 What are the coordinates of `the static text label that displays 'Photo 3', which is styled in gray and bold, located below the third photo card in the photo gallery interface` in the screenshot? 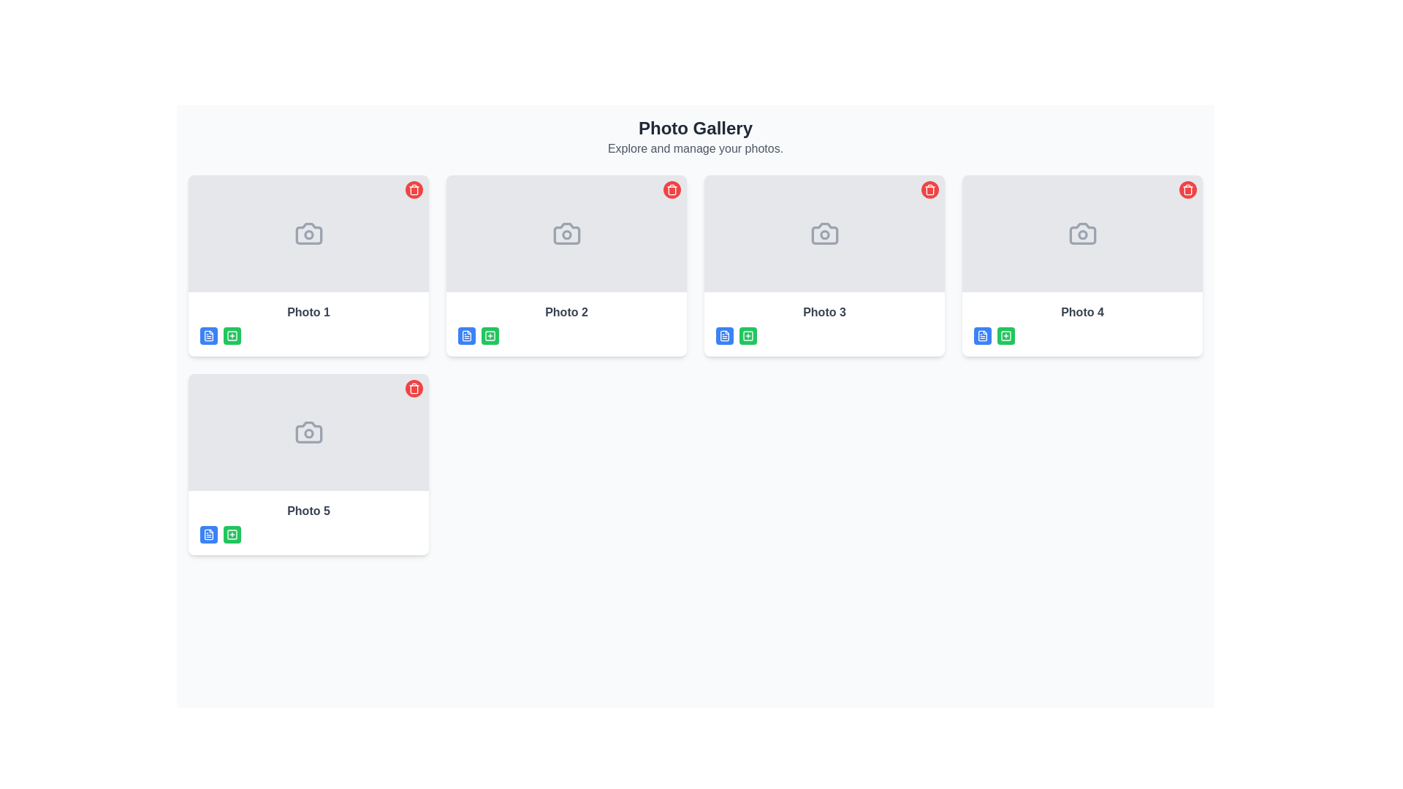 It's located at (824, 312).